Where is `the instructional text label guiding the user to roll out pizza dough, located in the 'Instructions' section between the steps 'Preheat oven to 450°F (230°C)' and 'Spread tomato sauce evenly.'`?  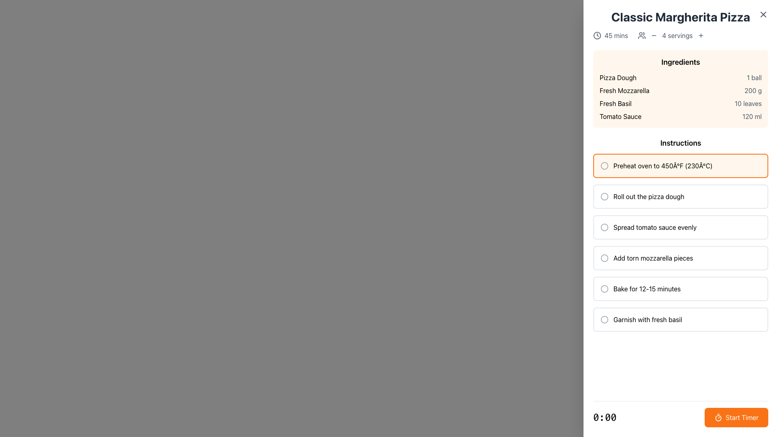
the instructional text label guiding the user to roll out pizza dough, located in the 'Instructions' section between the steps 'Preheat oven to 450°F (230°C)' and 'Spread tomato sauce evenly.' is located at coordinates (649, 197).